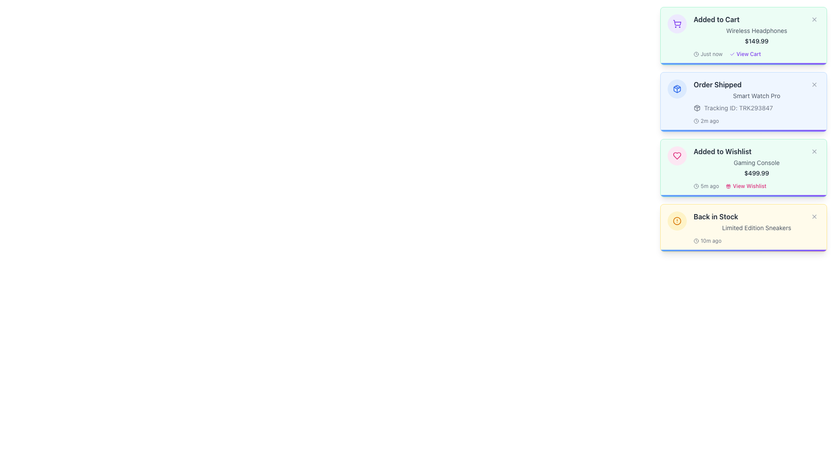 Image resolution: width=834 pixels, height=469 pixels. I want to click on the small clock icon with a circular outline located near the bottom-left corner of the 'Order Shipped' box, just before the text '2m ago', so click(696, 121).